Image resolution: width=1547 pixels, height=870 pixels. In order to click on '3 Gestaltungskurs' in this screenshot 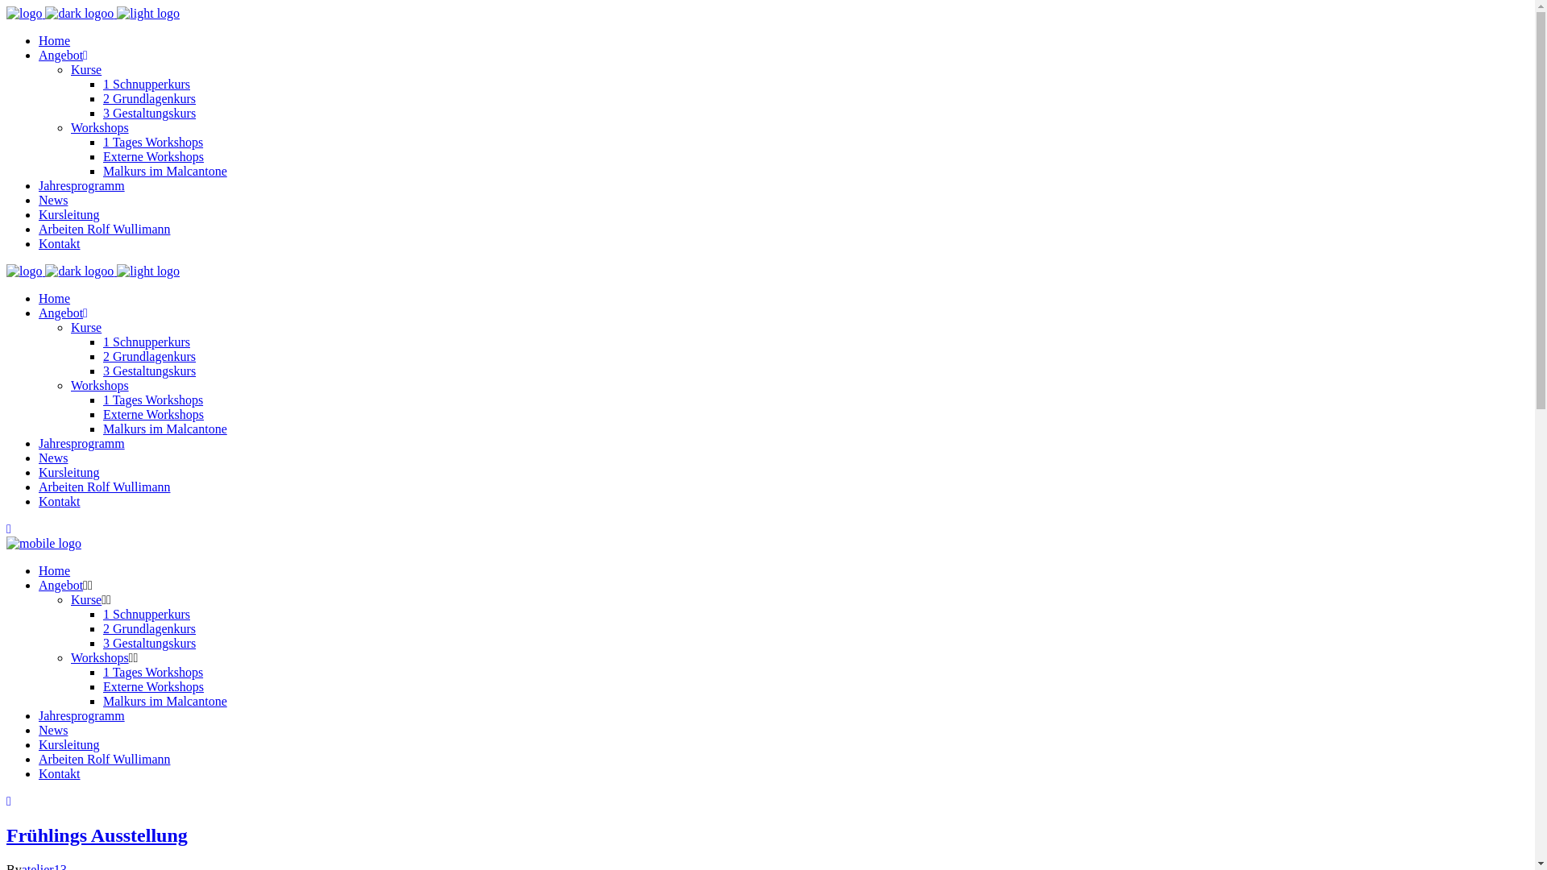, I will do `click(149, 642)`.